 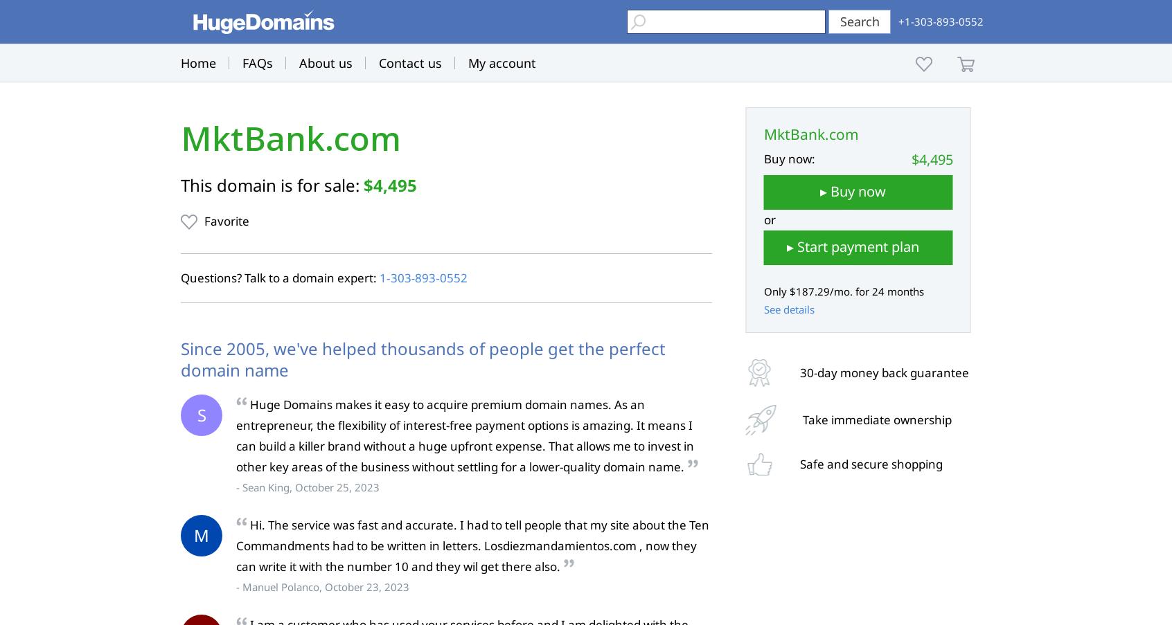 I want to click on 'Favorite', so click(x=226, y=220).